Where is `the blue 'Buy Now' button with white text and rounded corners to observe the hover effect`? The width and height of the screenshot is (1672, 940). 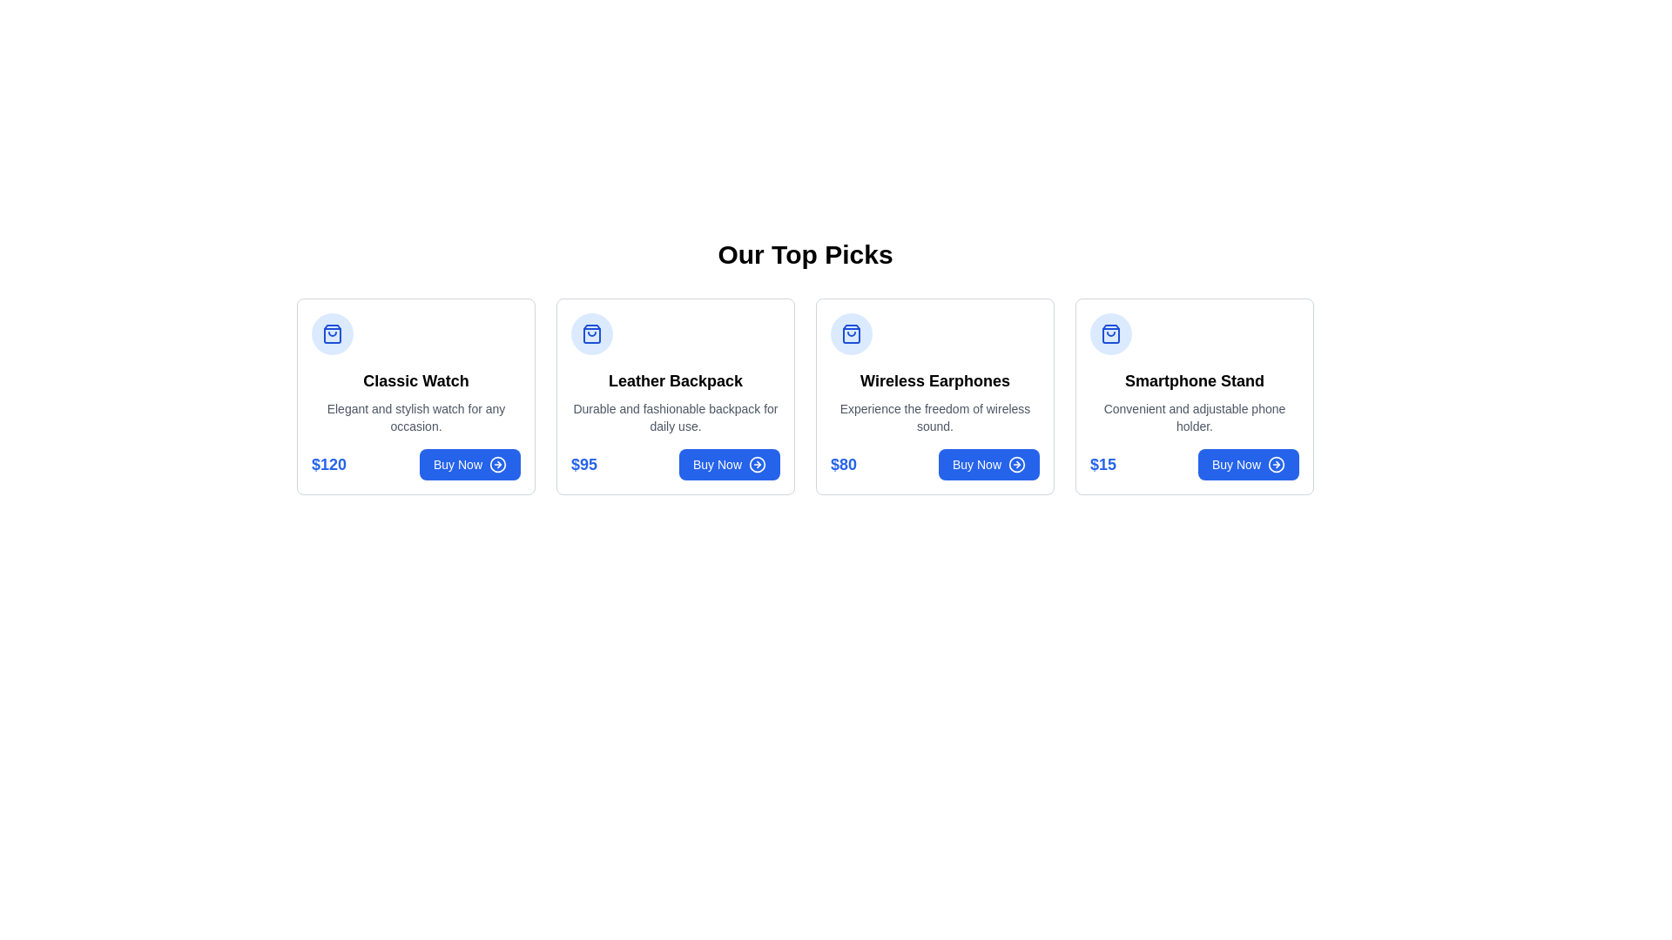
the blue 'Buy Now' button with white text and rounded corners to observe the hover effect is located at coordinates (1248, 463).